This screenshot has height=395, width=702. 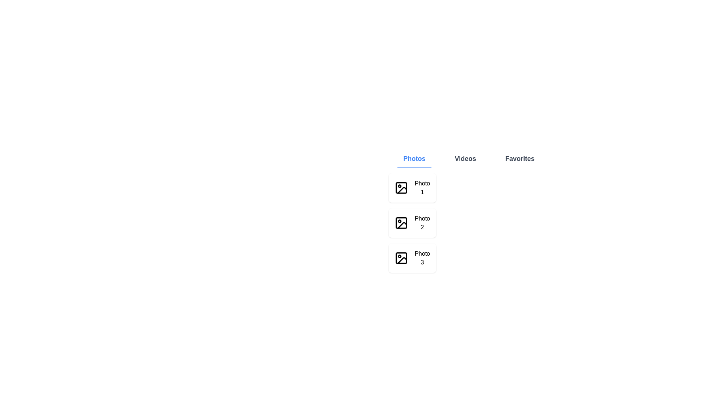 What do you see at coordinates (414, 159) in the screenshot?
I see `the leftmost navigation button in the menu` at bounding box center [414, 159].